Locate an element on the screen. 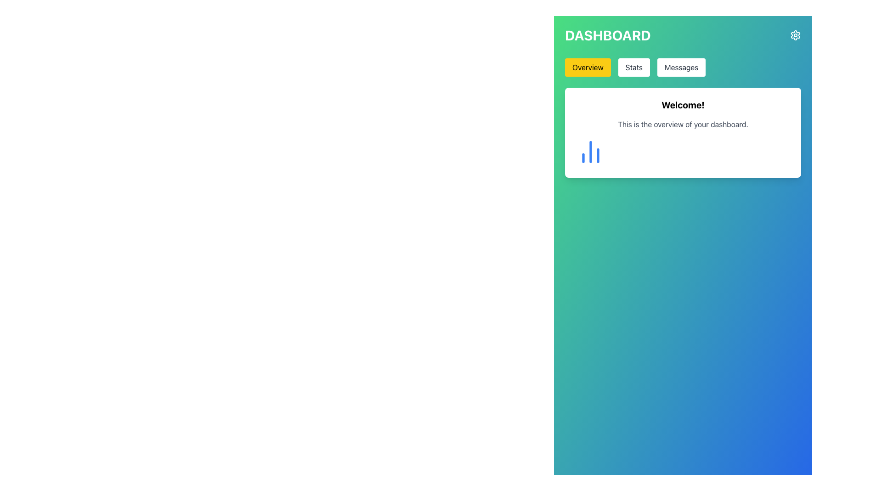 The image size is (882, 496). the 'Overview' button, which is a rectangular button with rounded edges and a yellow background is located at coordinates (587, 67).